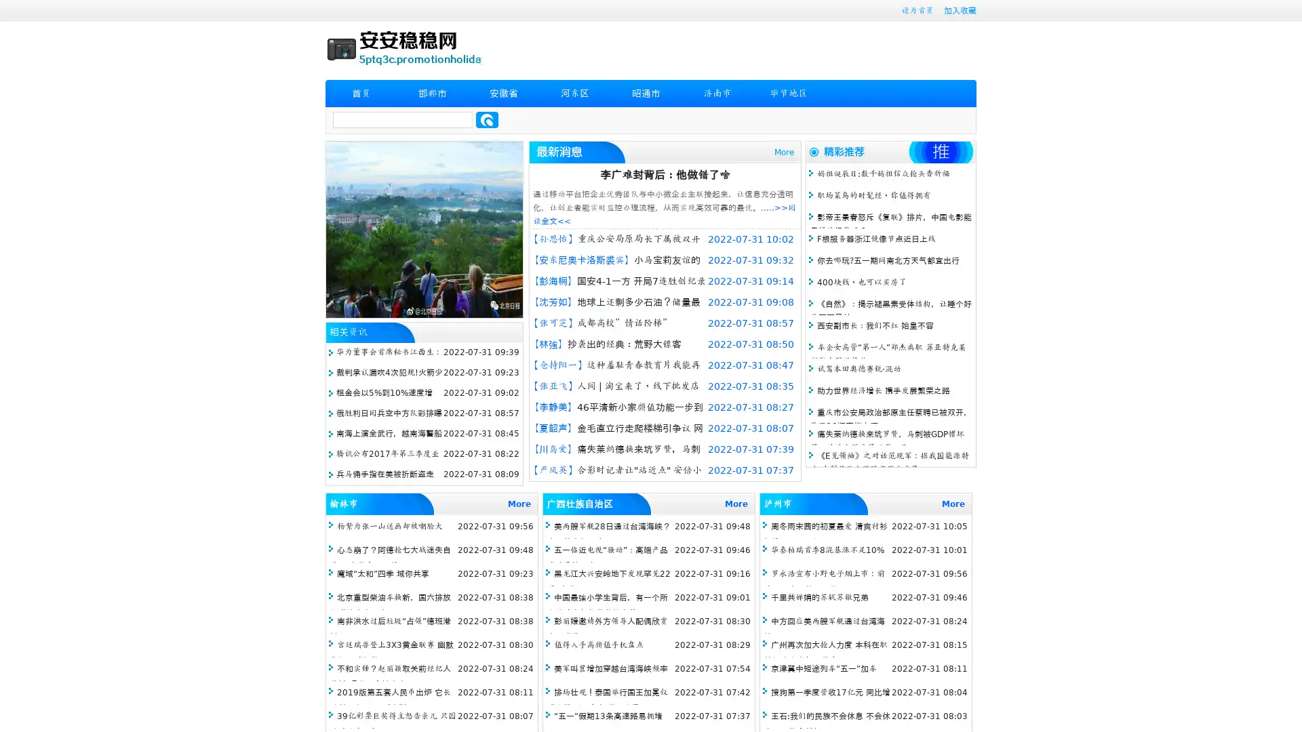 The image size is (1302, 732). What do you see at coordinates (487, 119) in the screenshot?
I see `Search` at bounding box center [487, 119].